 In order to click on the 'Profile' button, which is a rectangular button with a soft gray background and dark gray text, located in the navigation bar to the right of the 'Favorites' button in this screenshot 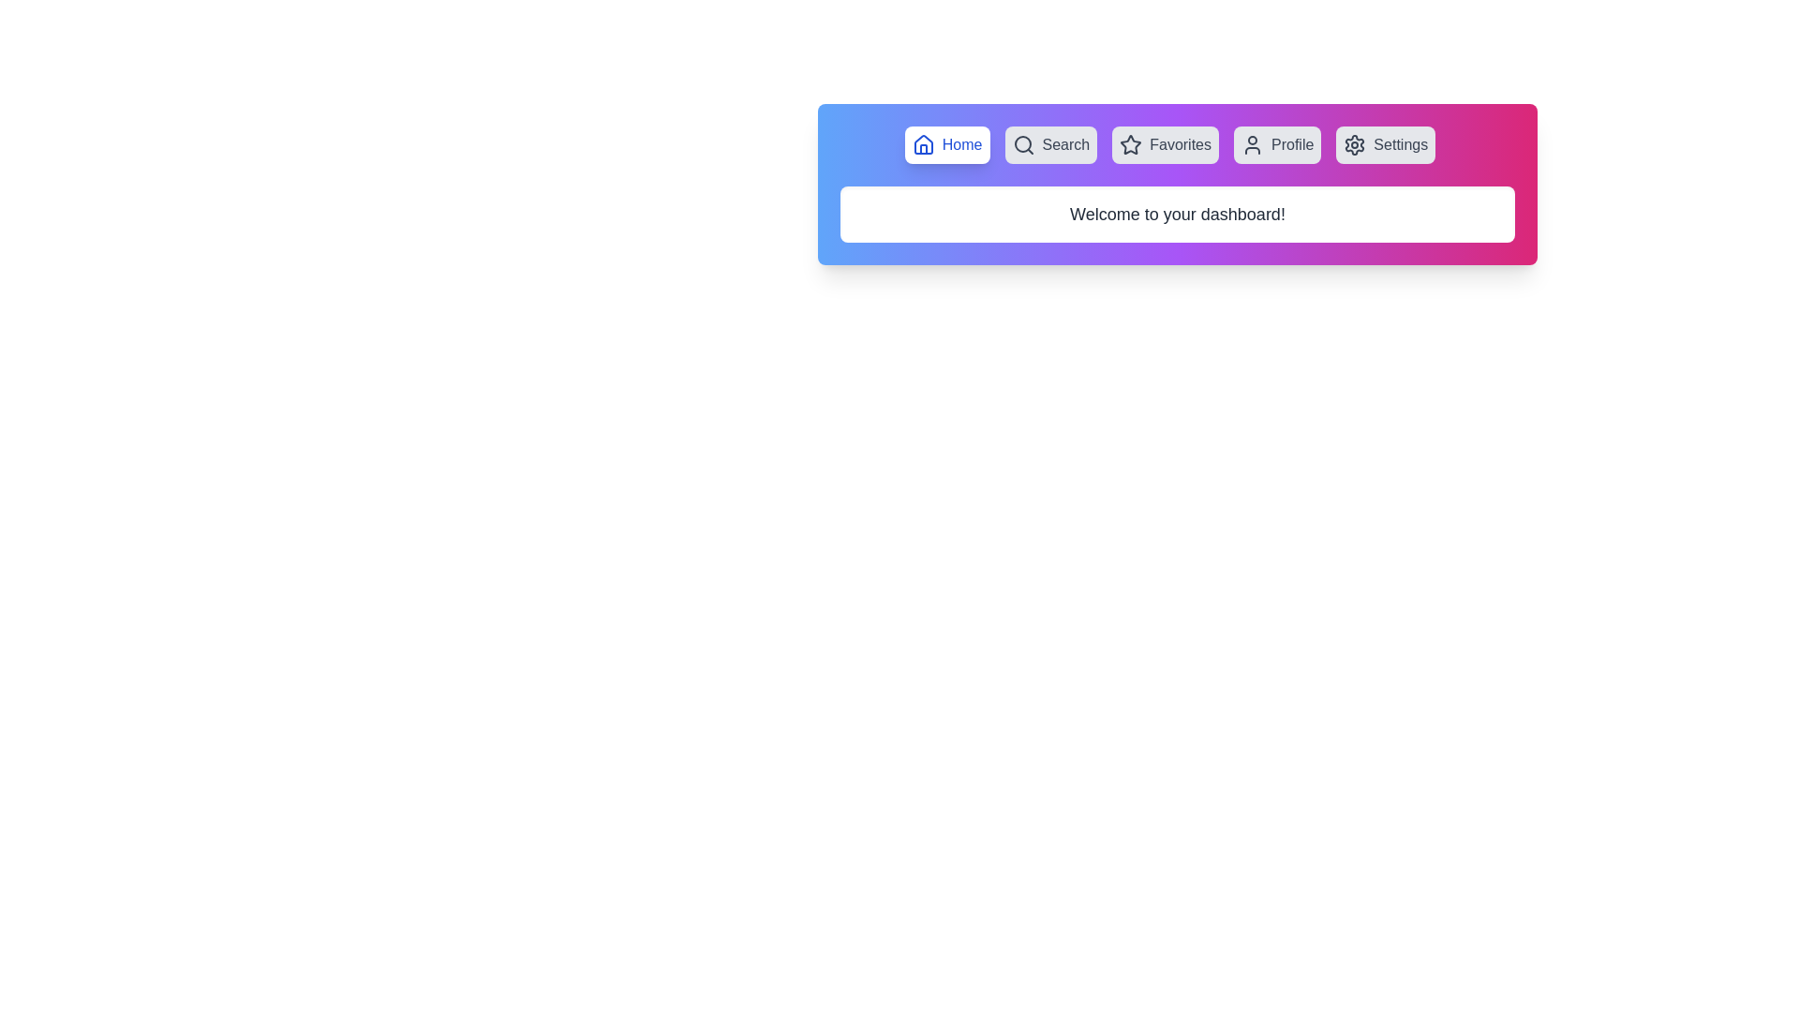, I will do `click(1276, 143)`.